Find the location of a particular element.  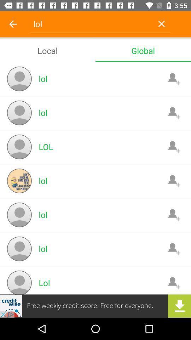

download the option is located at coordinates (95, 306).